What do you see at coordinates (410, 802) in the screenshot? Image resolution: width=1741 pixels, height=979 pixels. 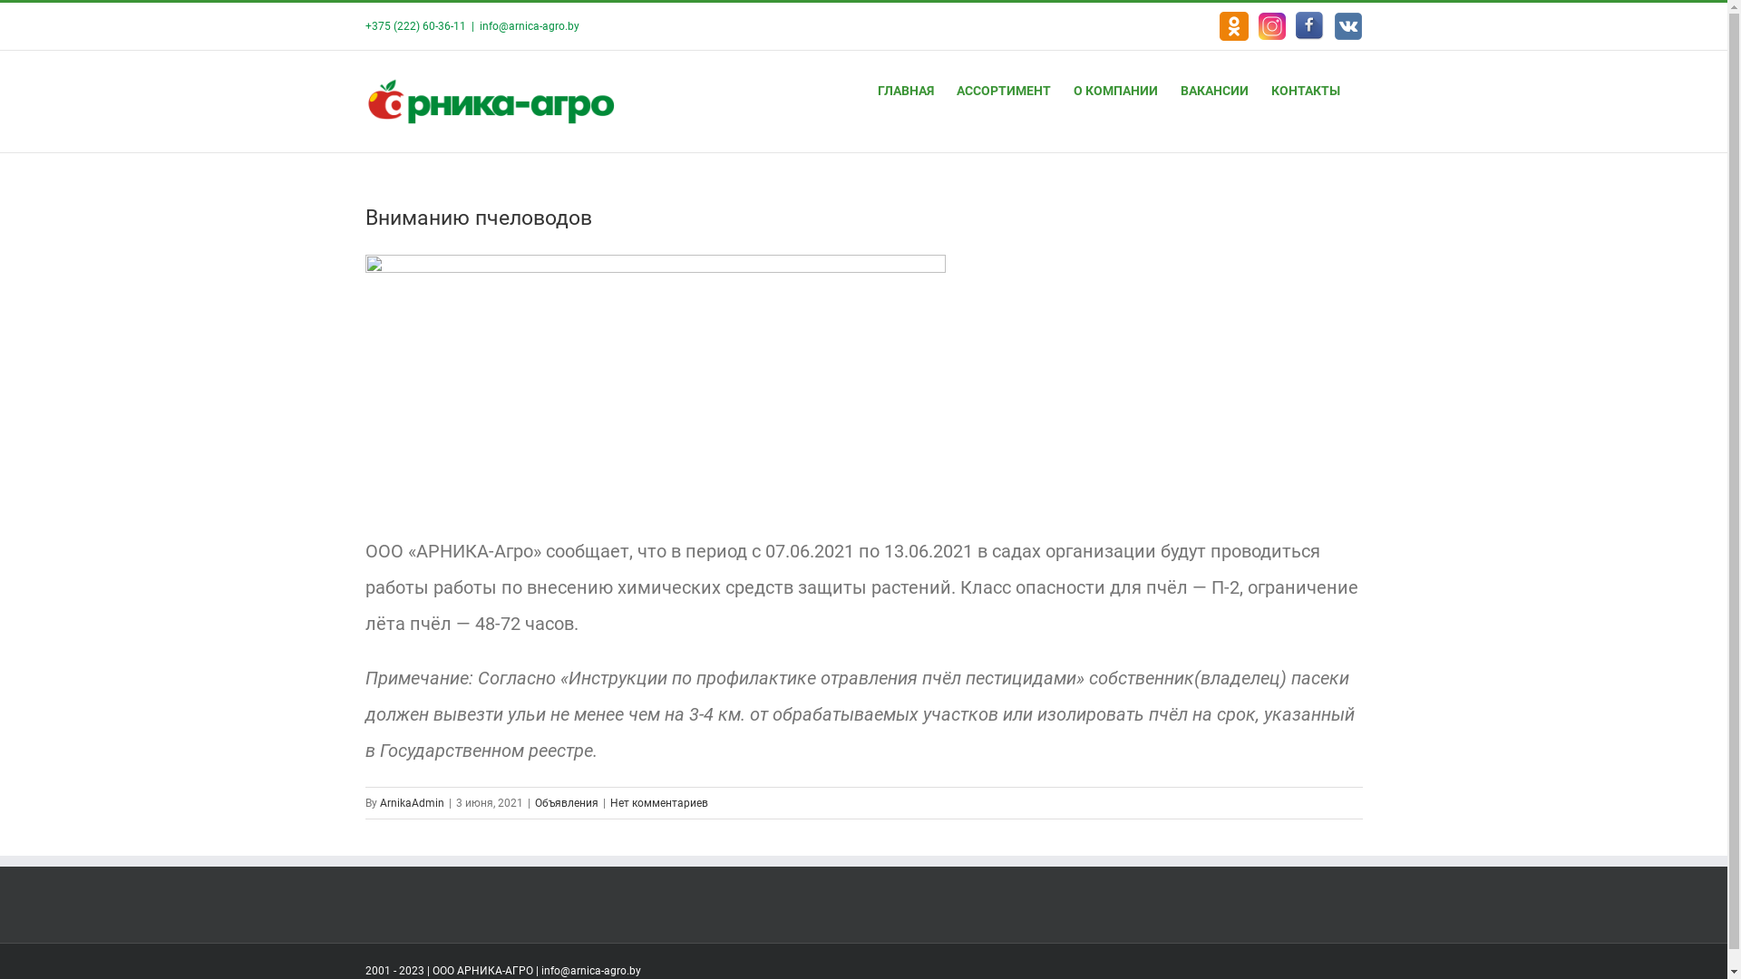 I see `'ArnikaAdmin'` at bounding box center [410, 802].